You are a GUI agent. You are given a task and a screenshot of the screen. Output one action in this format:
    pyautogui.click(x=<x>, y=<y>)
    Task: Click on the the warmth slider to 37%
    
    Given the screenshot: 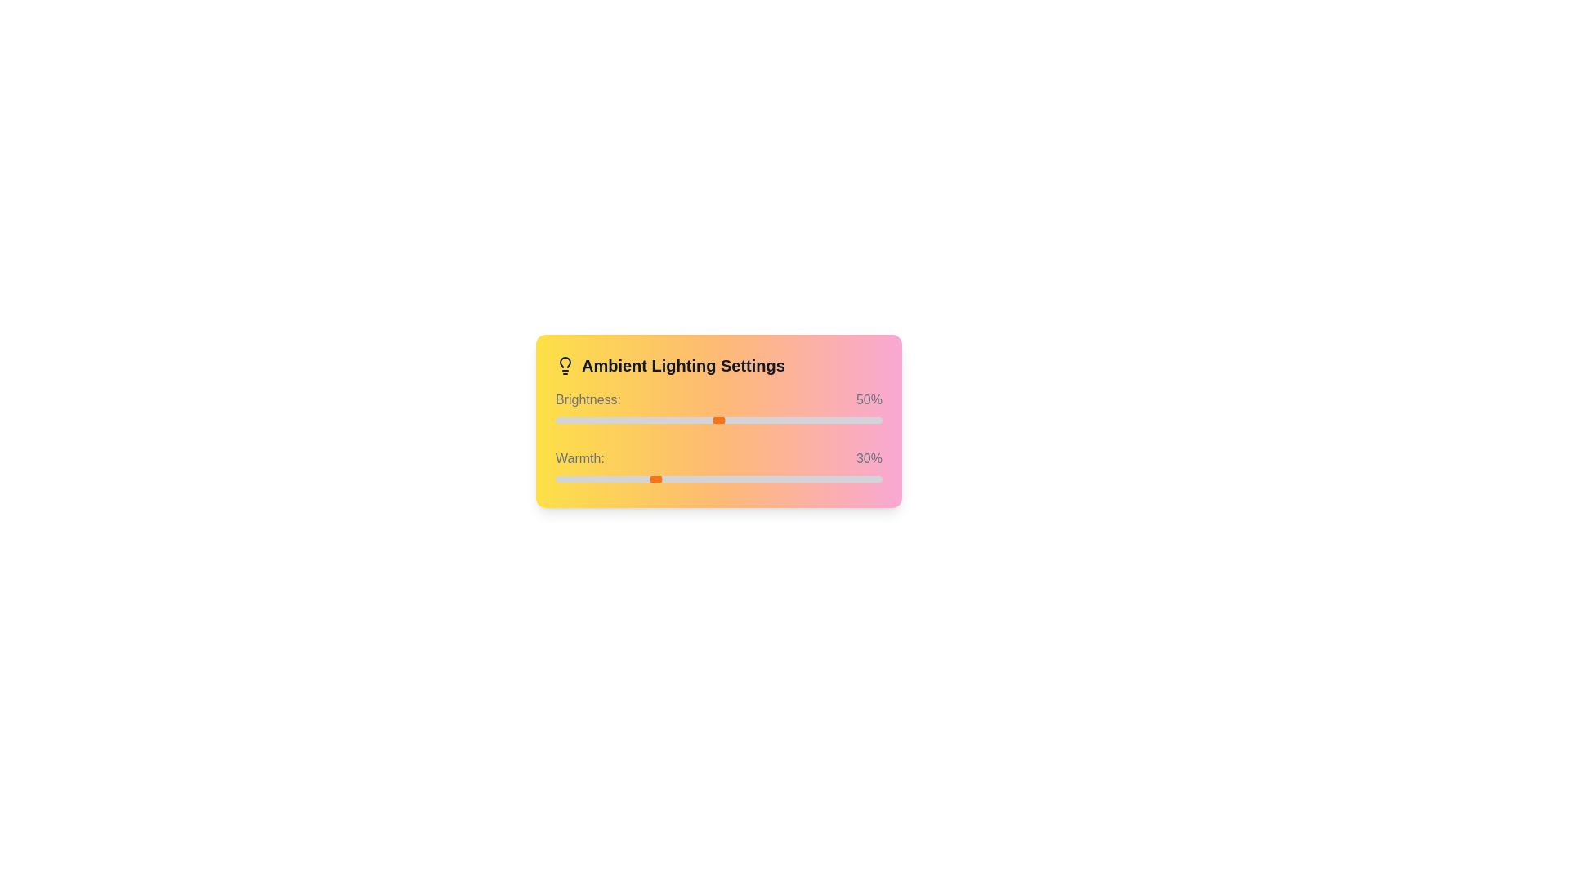 What is the action you would take?
    pyautogui.click(x=677, y=478)
    